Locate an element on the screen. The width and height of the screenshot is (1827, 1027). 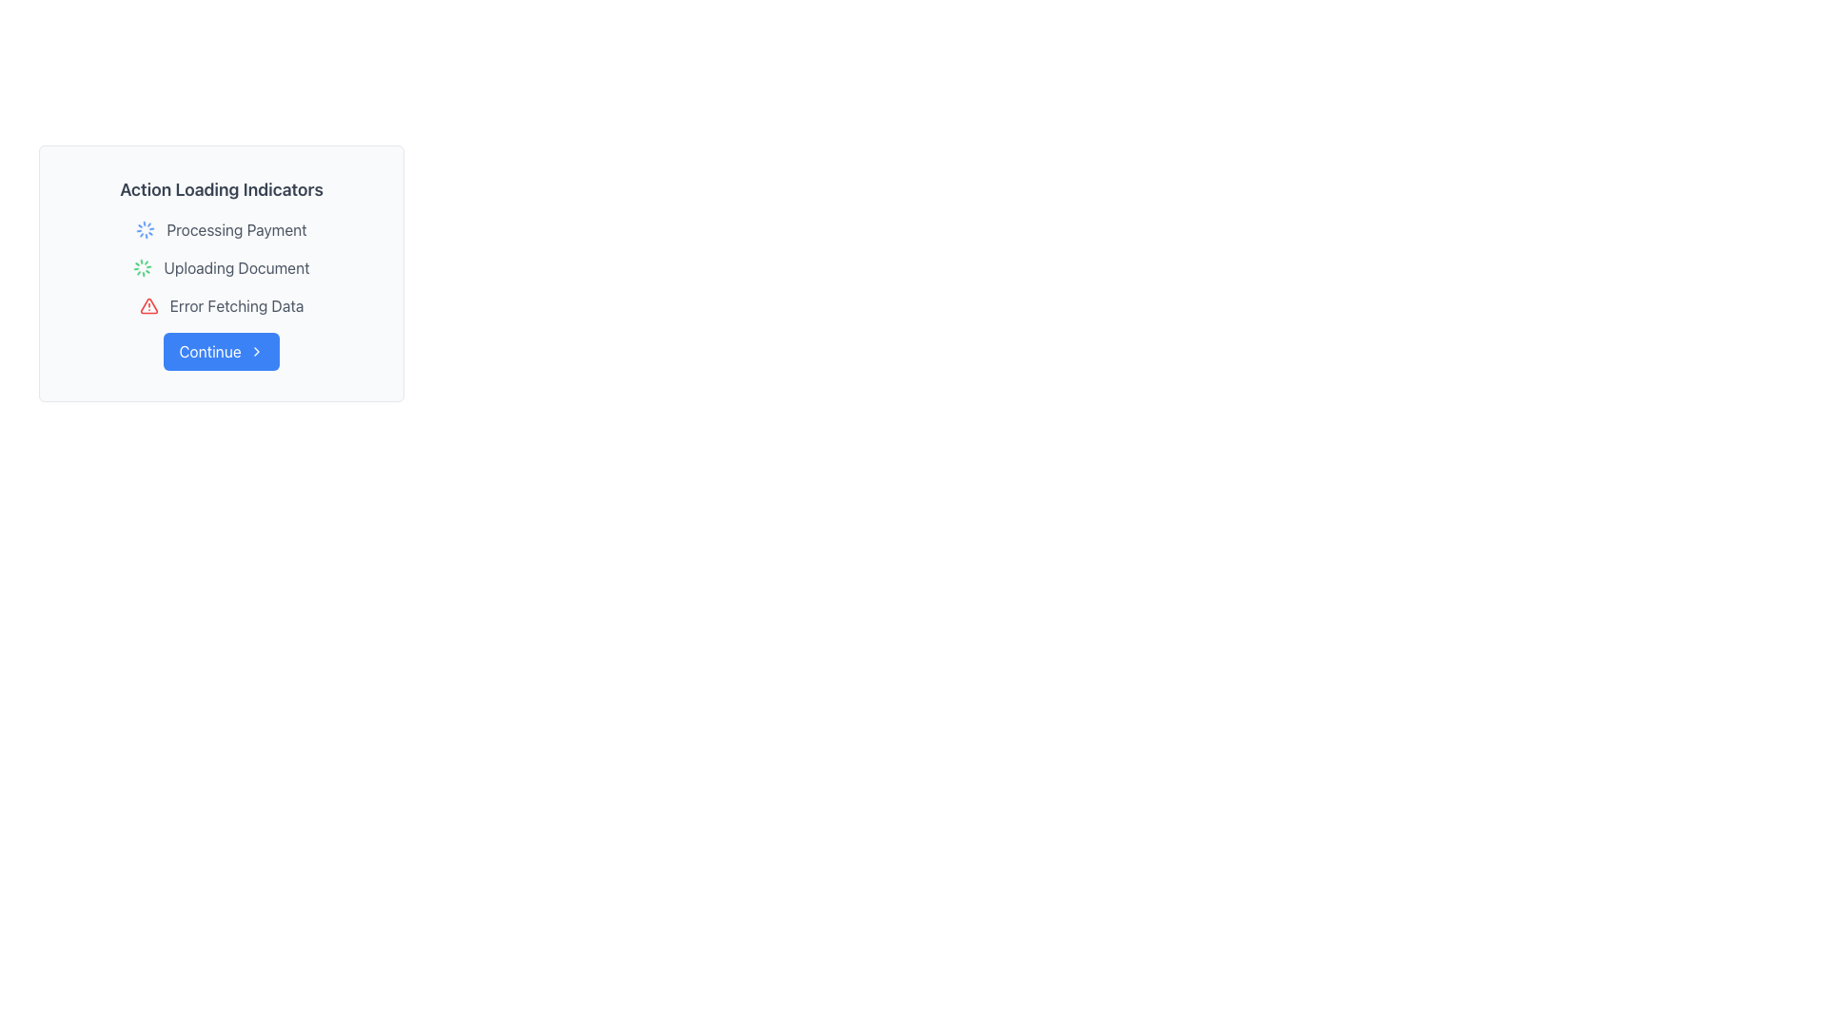
the Informational Indicator displaying 'Processing Payment' with a spinning loader icon, located beneath 'Action Loading Indicators' is located at coordinates (222, 229).